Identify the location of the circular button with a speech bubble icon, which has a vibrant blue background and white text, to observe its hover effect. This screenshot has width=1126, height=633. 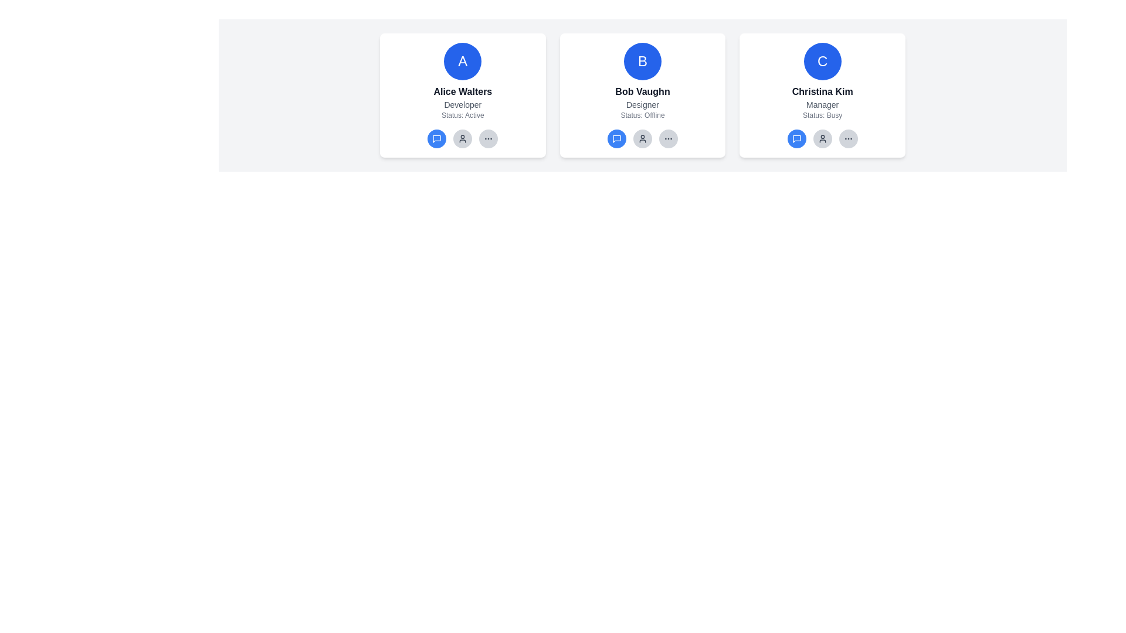
(436, 138).